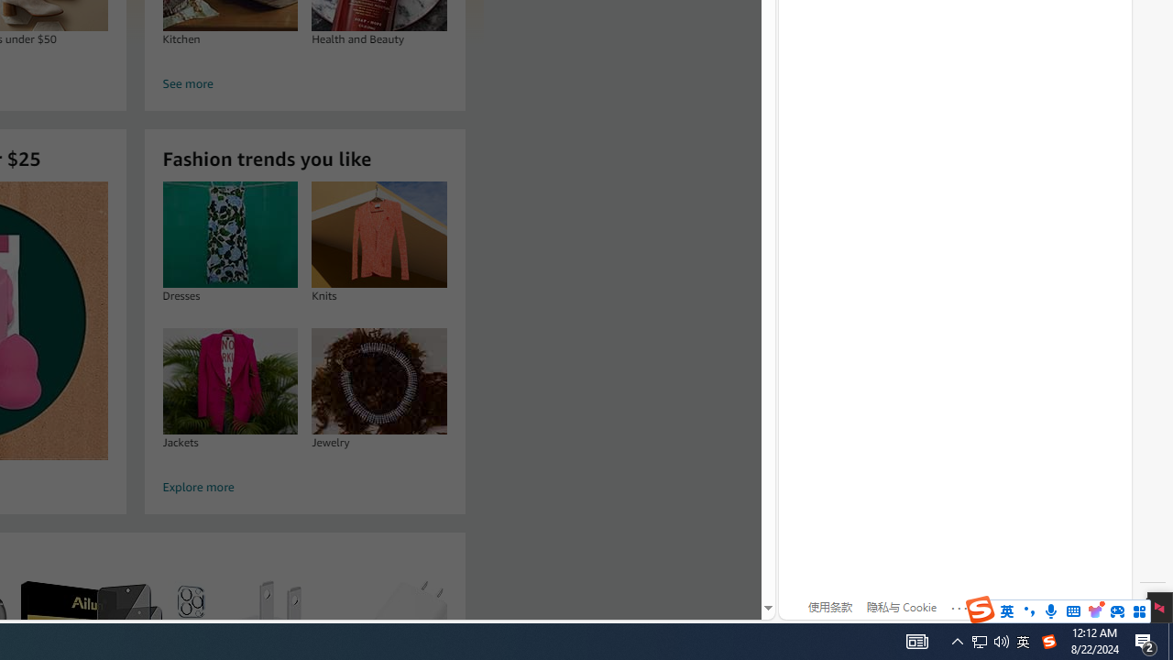 The height and width of the screenshot is (660, 1173). What do you see at coordinates (378, 379) in the screenshot?
I see `'Jewelry'` at bounding box center [378, 379].